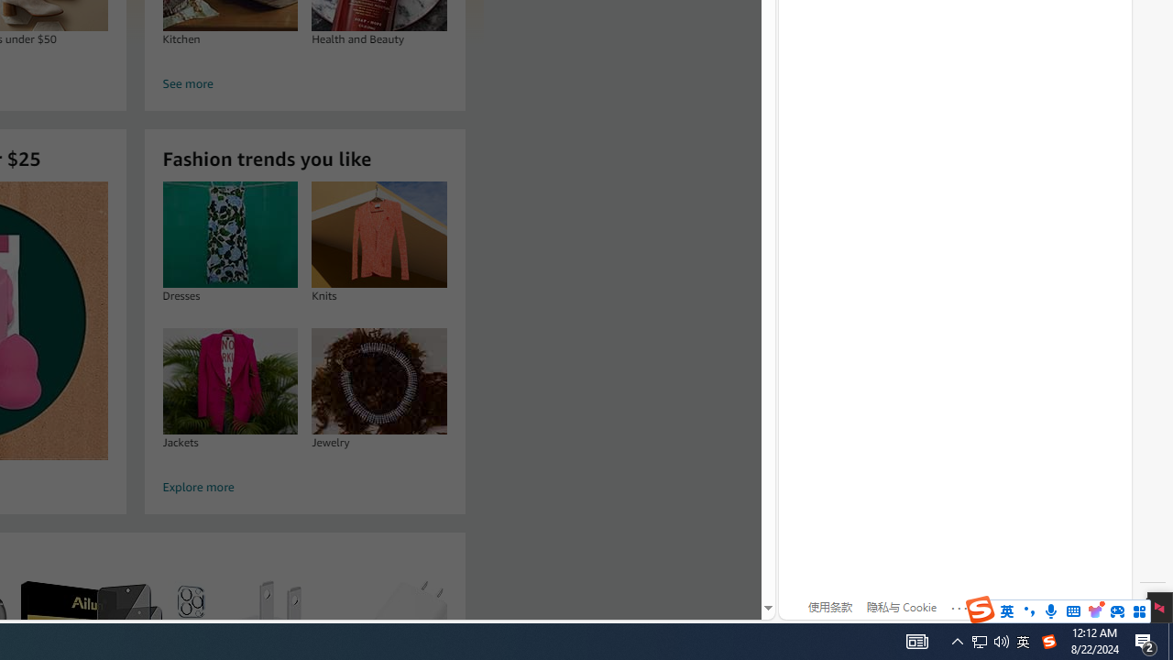 The height and width of the screenshot is (660, 1173). What do you see at coordinates (378, 379) in the screenshot?
I see `'Jewelry'` at bounding box center [378, 379].